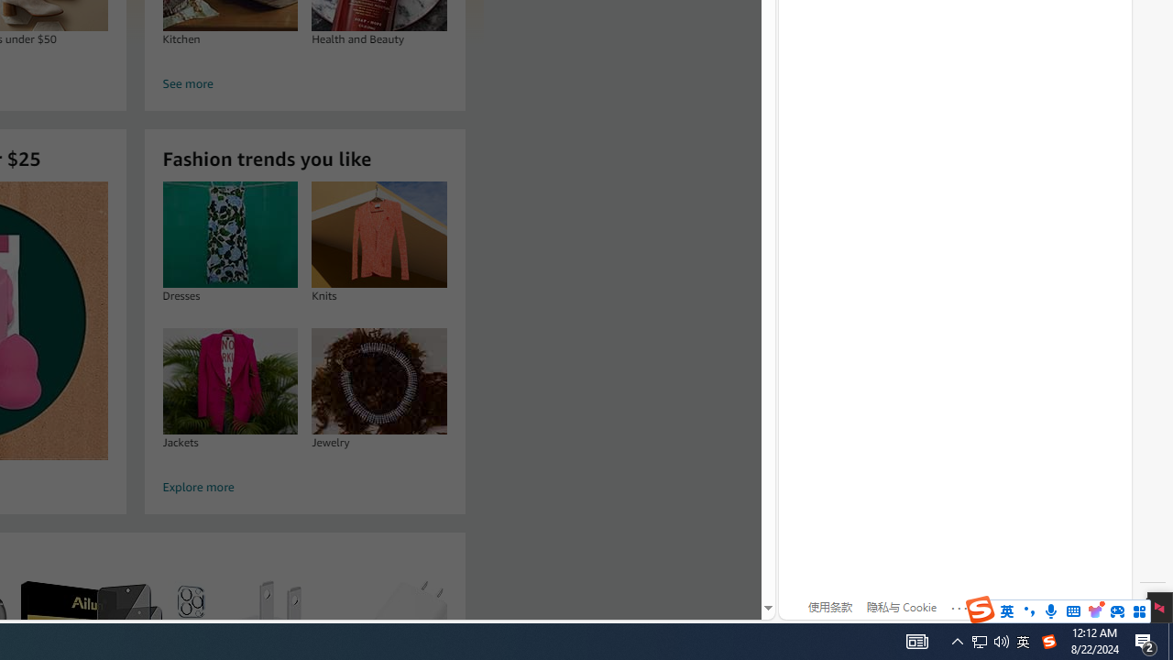 The height and width of the screenshot is (660, 1173). What do you see at coordinates (378, 379) in the screenshot?
I see `'Jewelry'` at bounding box center [378, 379].